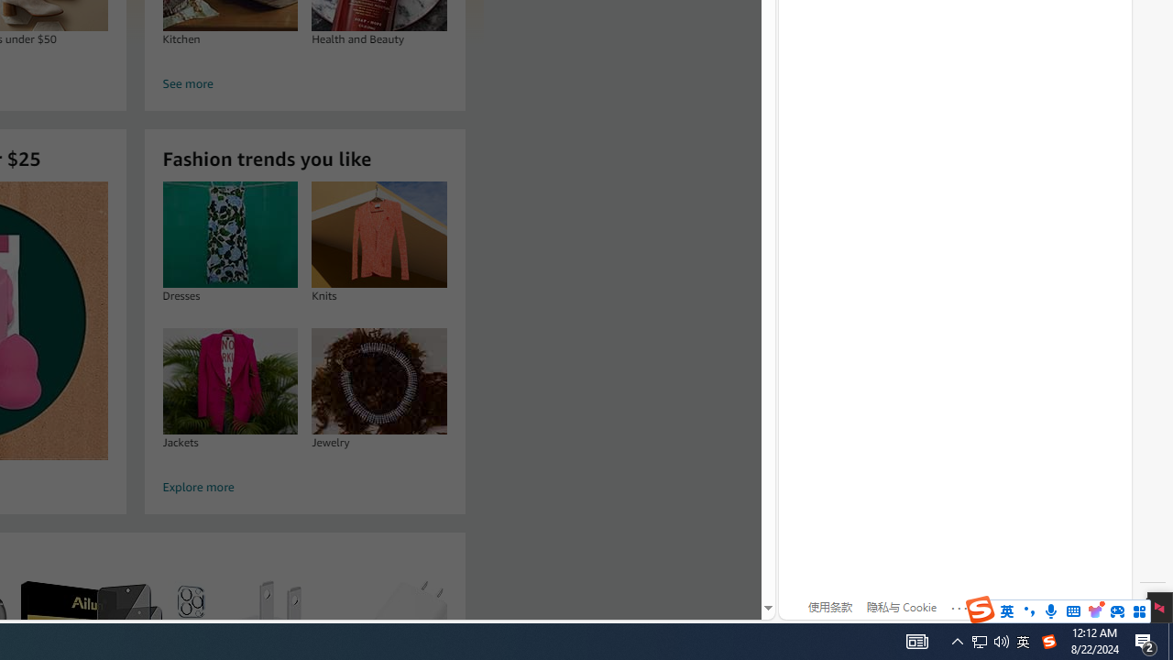 The height and width of the screenshot is (660, 1173). What do you see at coordinates (378, 379) in the screenshot?
I see `'Jewelry'` at bounding box center [378, 379].